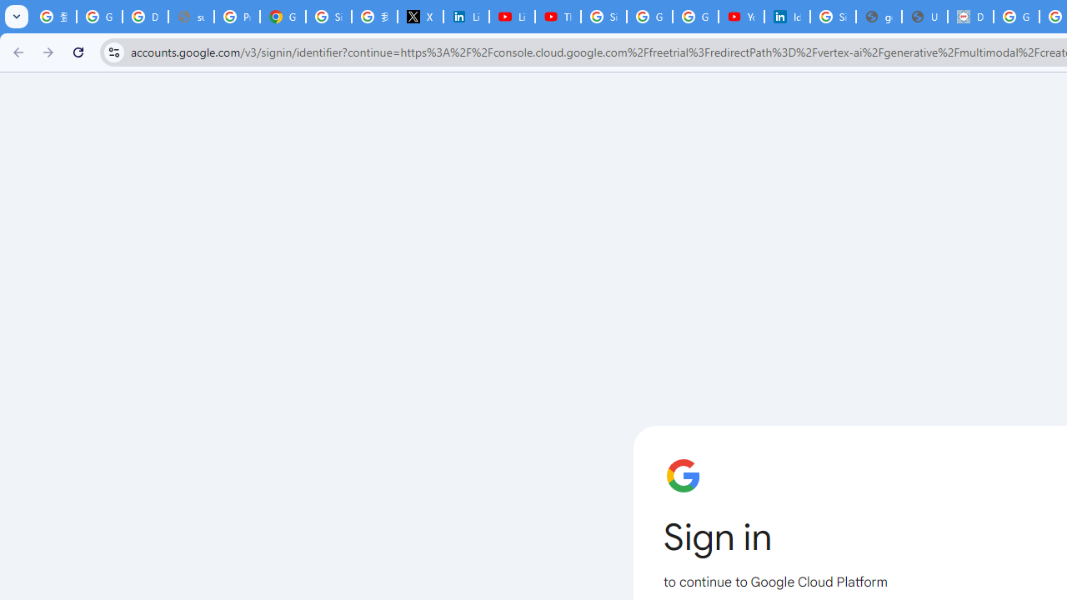 The image size is (1067, 600). I want to click on 'google_privacy_policy_en.pdf', so click(878, 17).